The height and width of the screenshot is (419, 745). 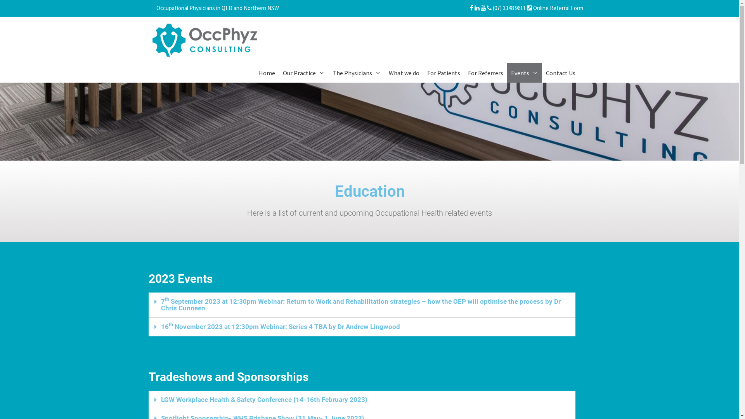 I want to click on 'What we do', so click(x=404, y=73).